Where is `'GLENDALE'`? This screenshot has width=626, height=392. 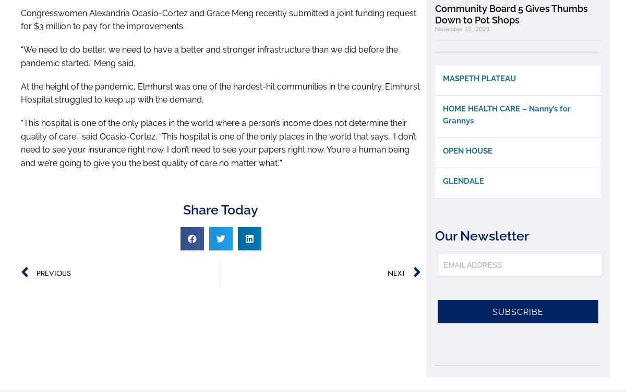 'GLENDALE' is located at coordinates (463, 181).